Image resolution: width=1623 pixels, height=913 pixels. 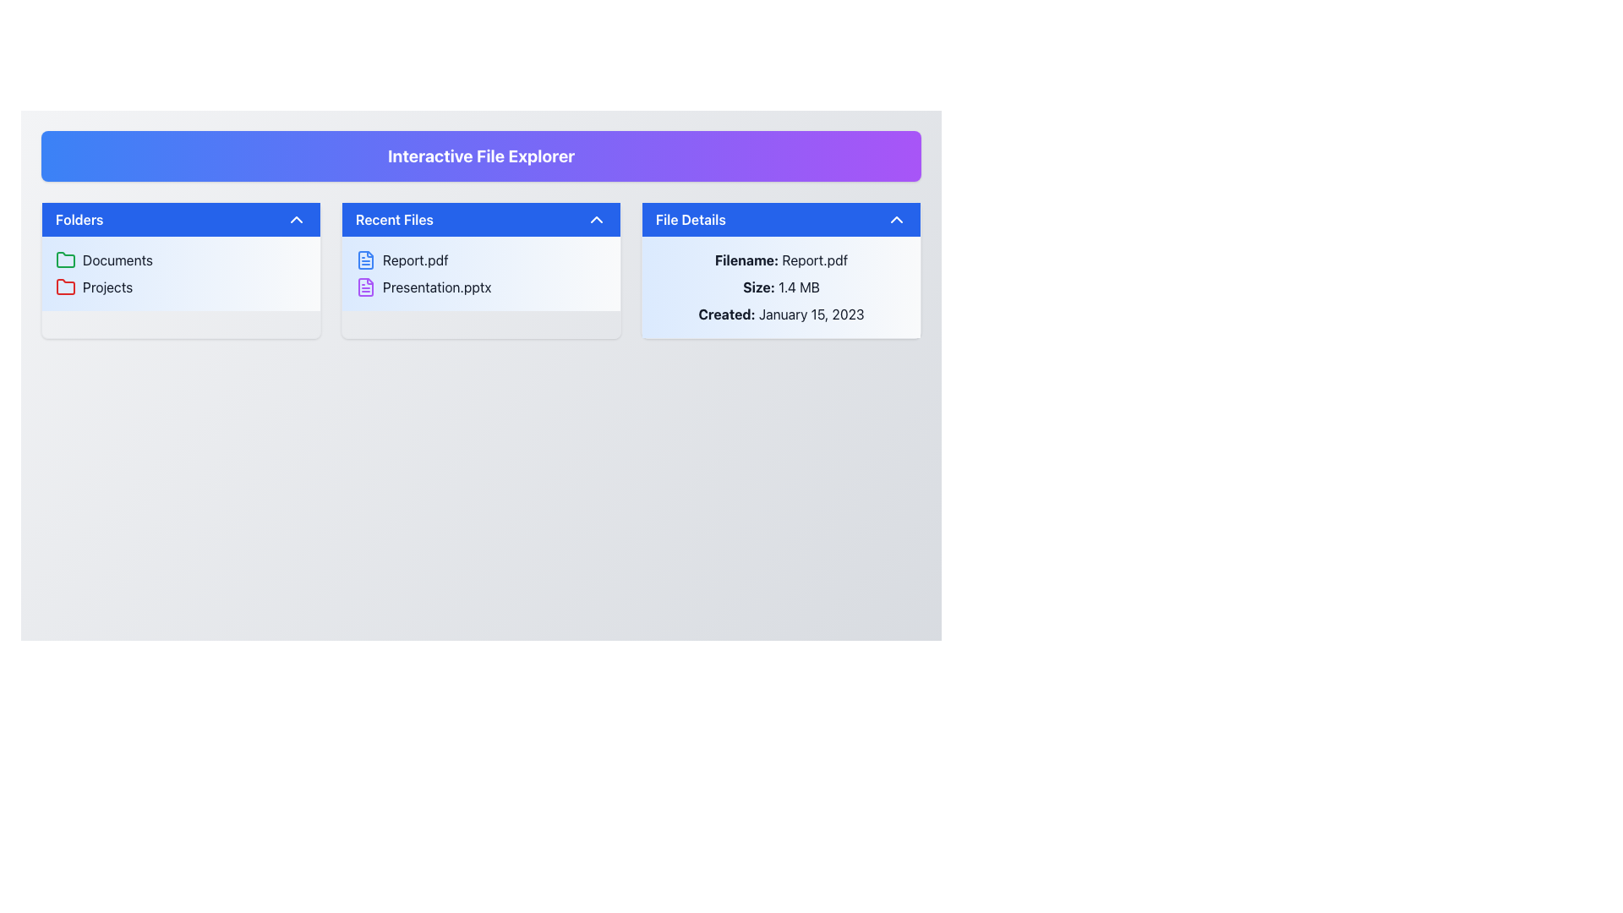 I want to click on the bold text label displaying 'Size:' located in the 'File Details' section on the far-right column, above the file size text, so click(x=757, y=286).